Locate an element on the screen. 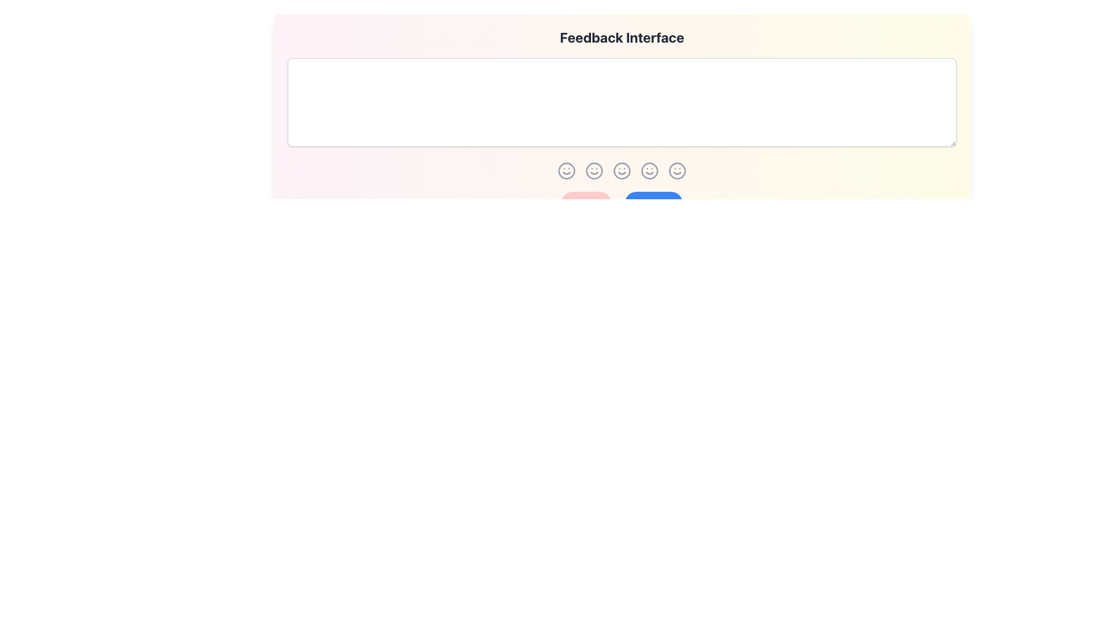 This screenshot has width=1107, height=622. the circular graphical element representing the nose of the smiley face, which is part of the second icon in the row of smiley face icons under the 'Feedback Interface' text box is located at coordinates (594, 171).